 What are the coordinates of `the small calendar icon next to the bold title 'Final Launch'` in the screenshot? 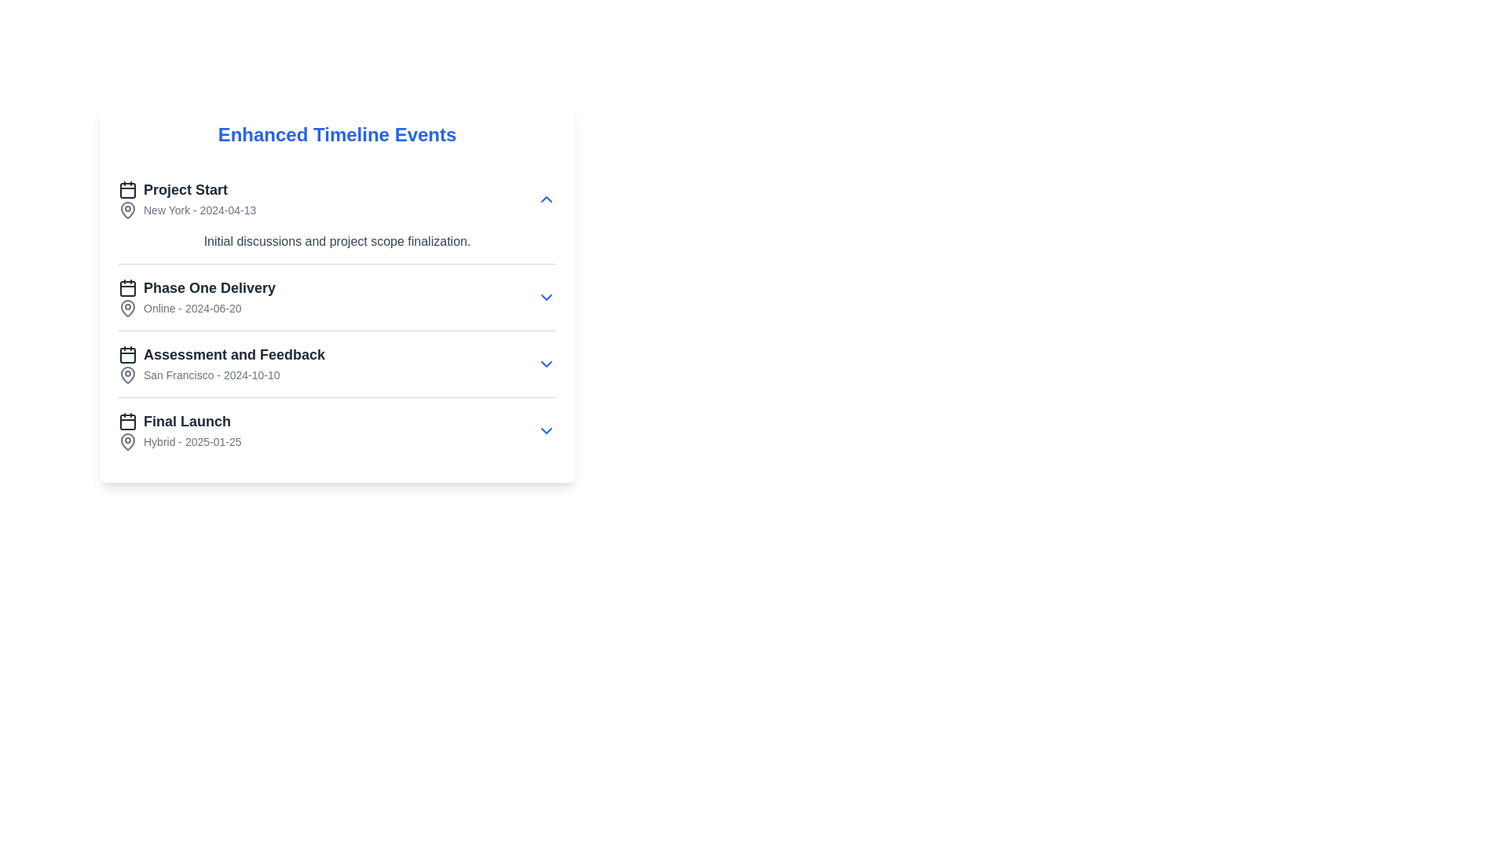 It's located at (180, 430).